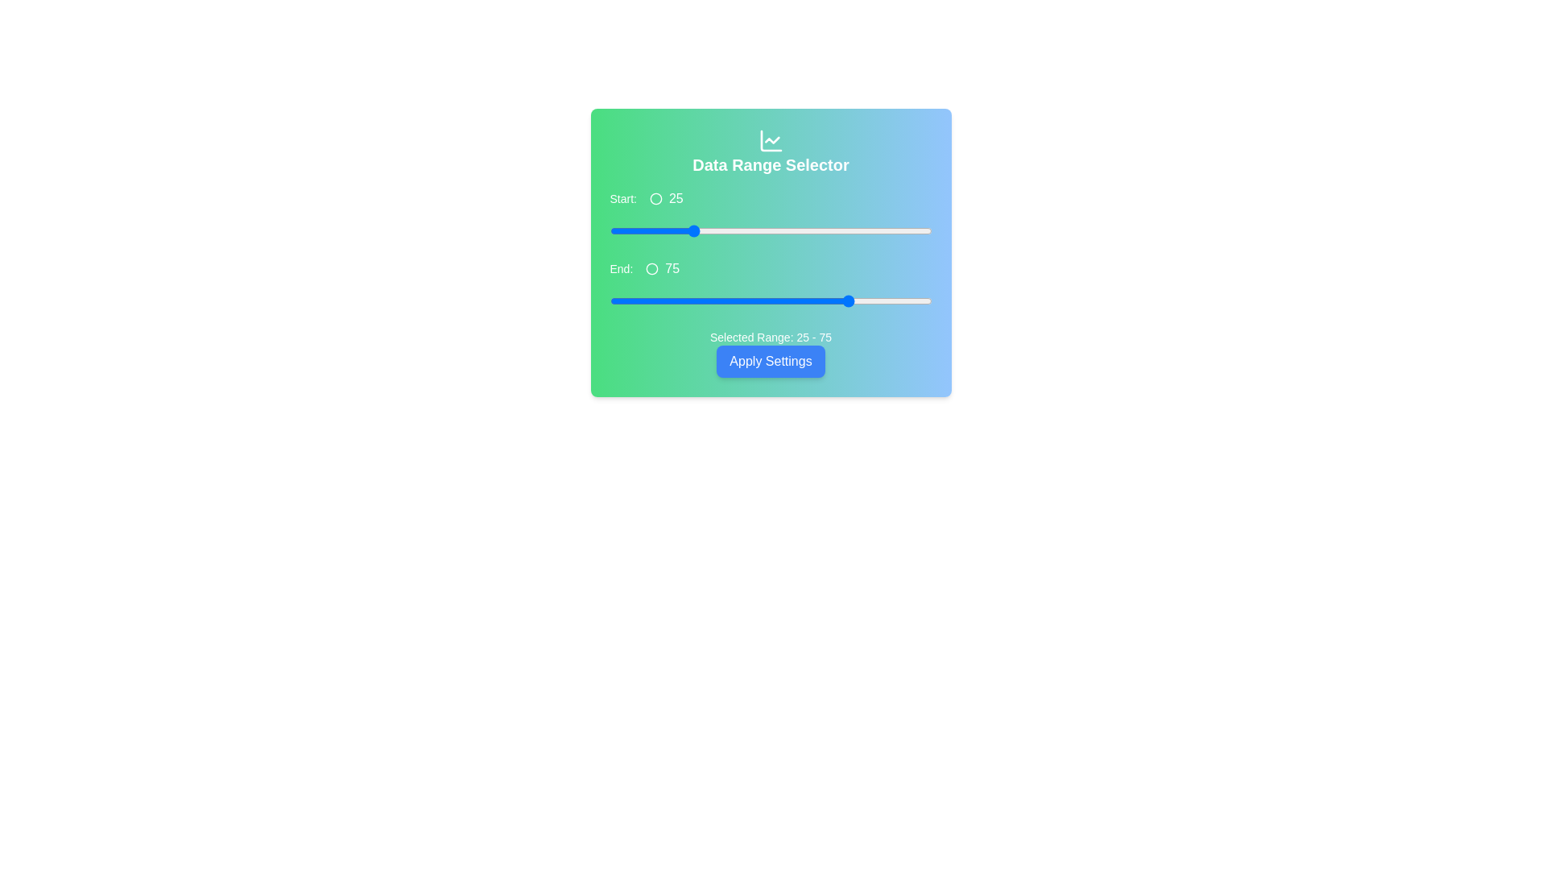 Image resolution: width=1546 pixels, height=870 pixels. What do you see at coordinates (672, 268) in the screenshot?
I see `the static text that displays the endpoint value for the selected range, positioned adjacent to 'End:' and aligned with a circular icon` at bounding box center [672, 268].